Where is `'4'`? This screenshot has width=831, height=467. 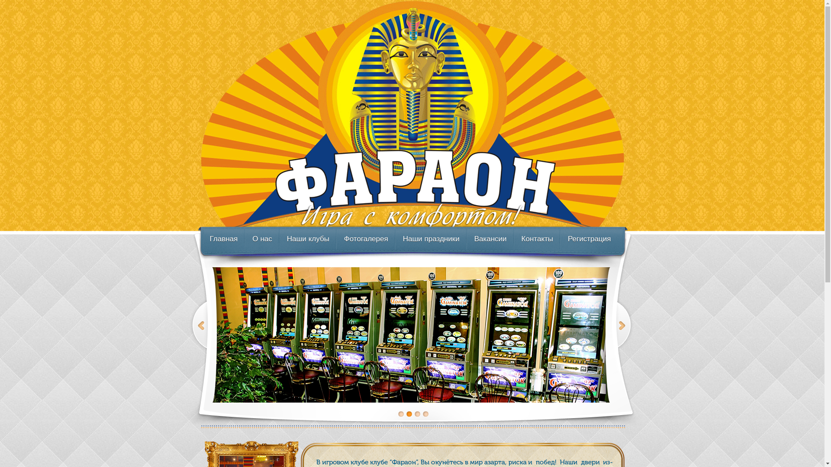 '4' is located at coordinates (425, 413).